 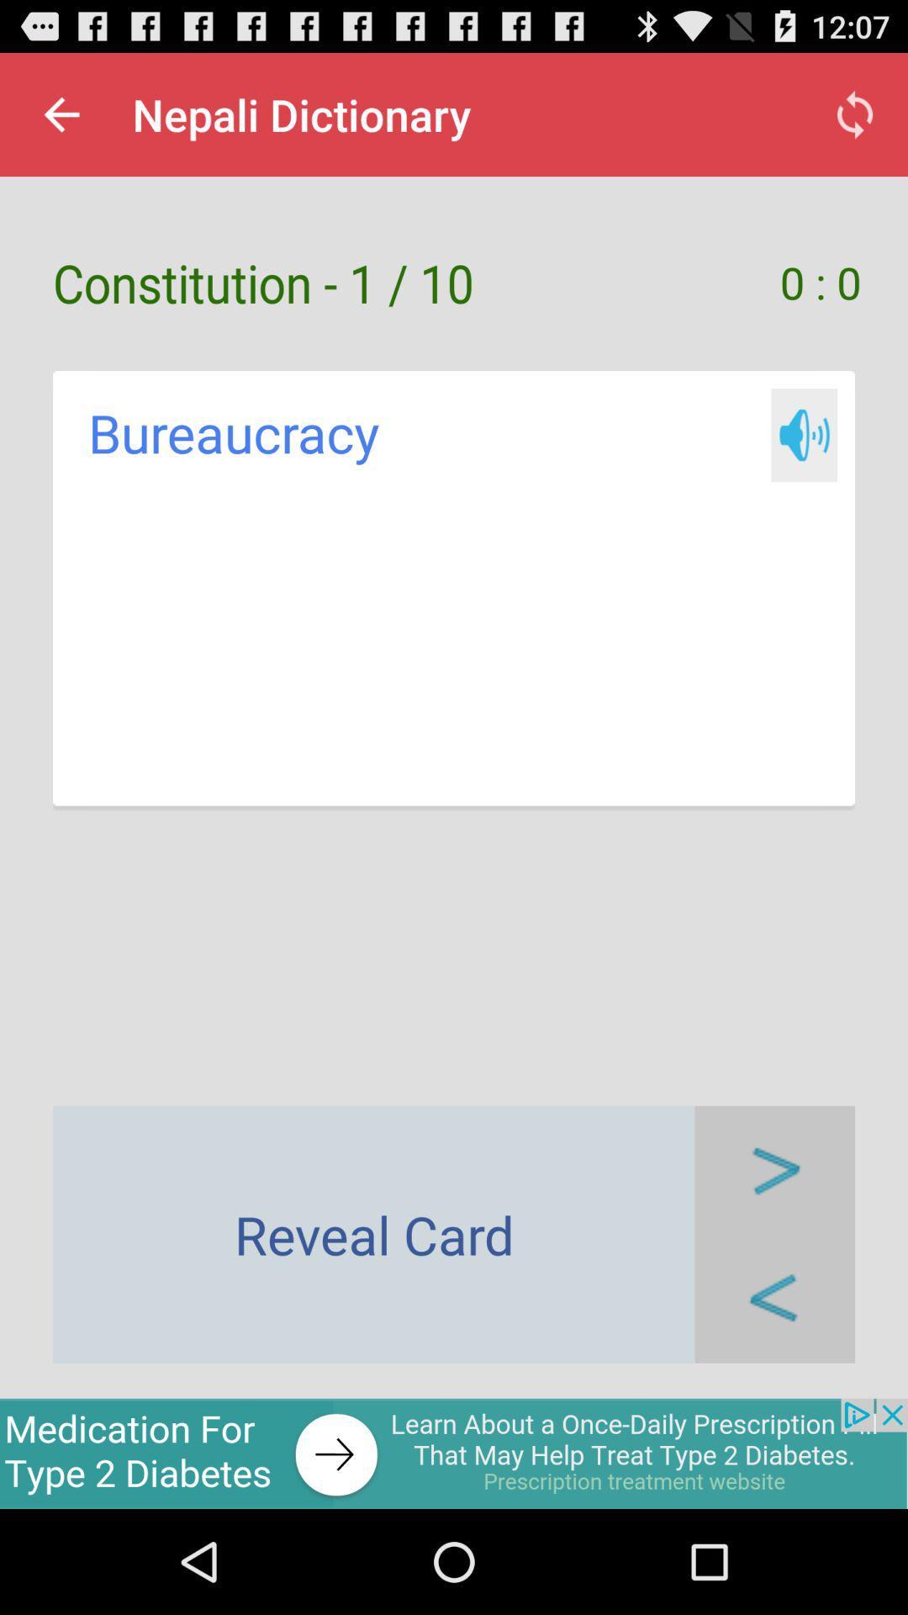 What do you see at coordinates (454, 1453) in the screenshot?
I see `advertisement page` at bounding box center [454, 1453].